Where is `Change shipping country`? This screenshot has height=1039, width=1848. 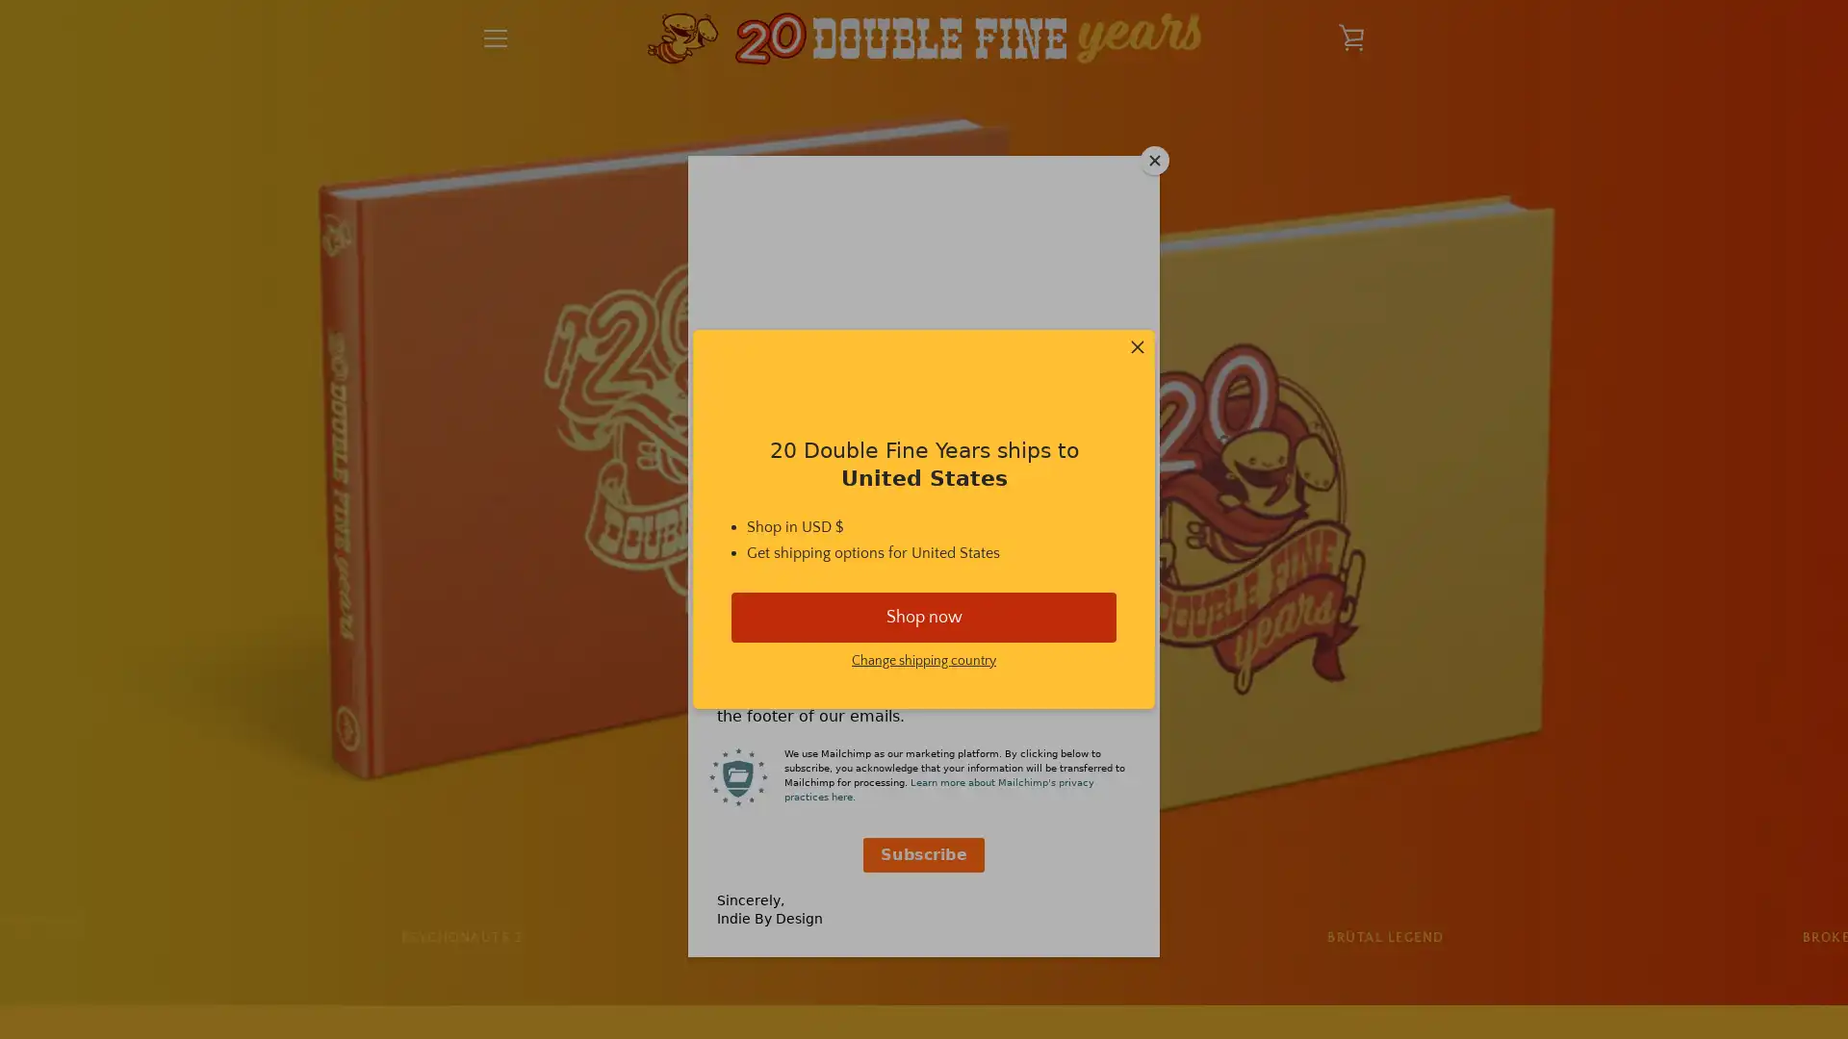
Change shipping country is located at coordinates (924, 659).